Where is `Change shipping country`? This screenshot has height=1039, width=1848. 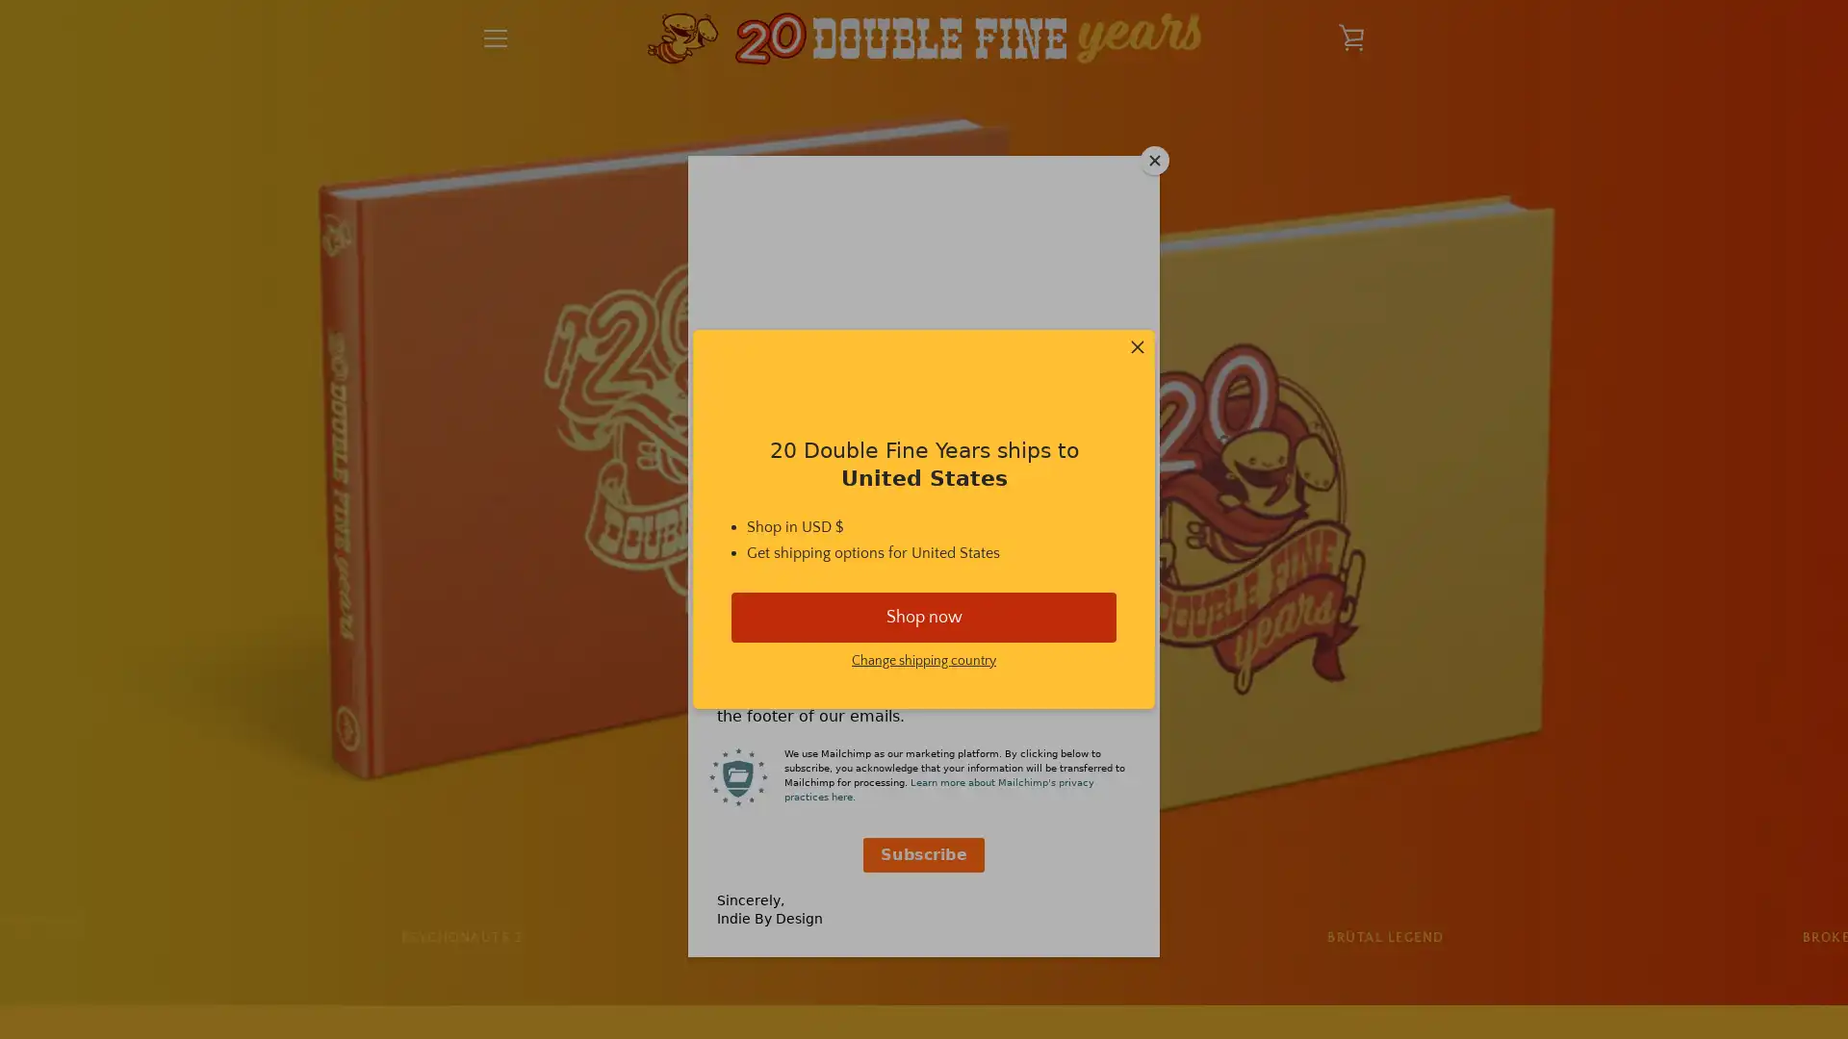
Change shipping country is located at coordinates (924, 659).